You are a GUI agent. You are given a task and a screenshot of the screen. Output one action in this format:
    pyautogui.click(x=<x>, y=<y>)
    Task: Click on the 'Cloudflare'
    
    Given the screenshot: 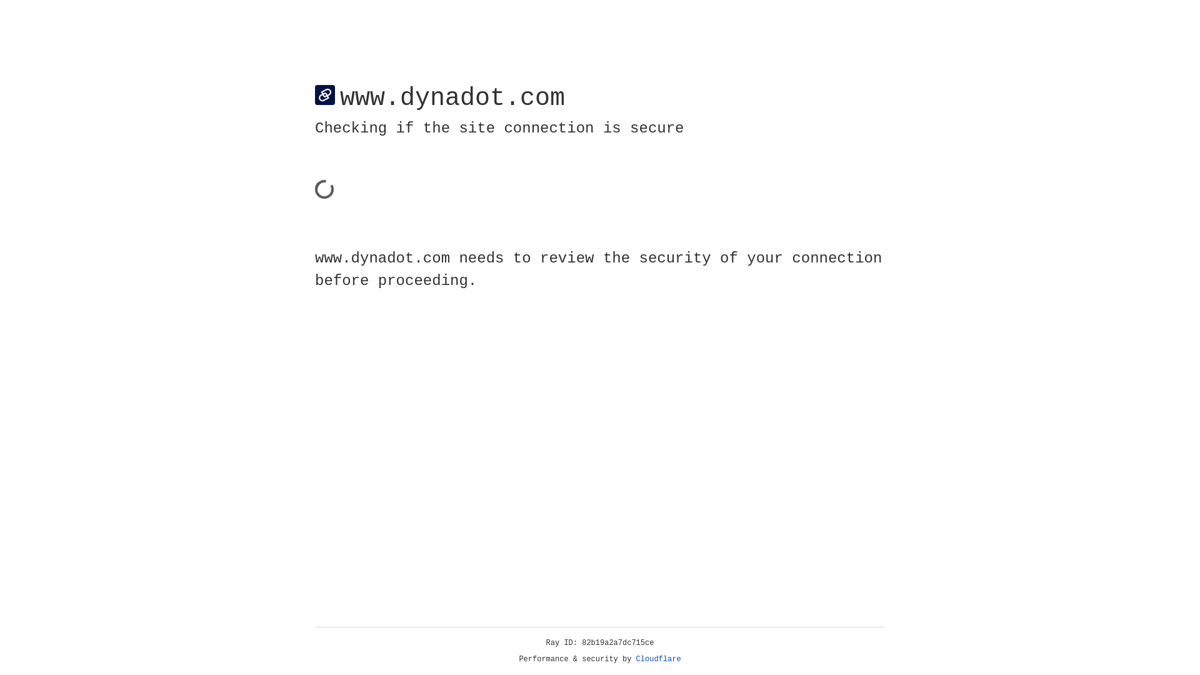 What is the action you would take?
    pyautogui.click(x=658, y=659)
    